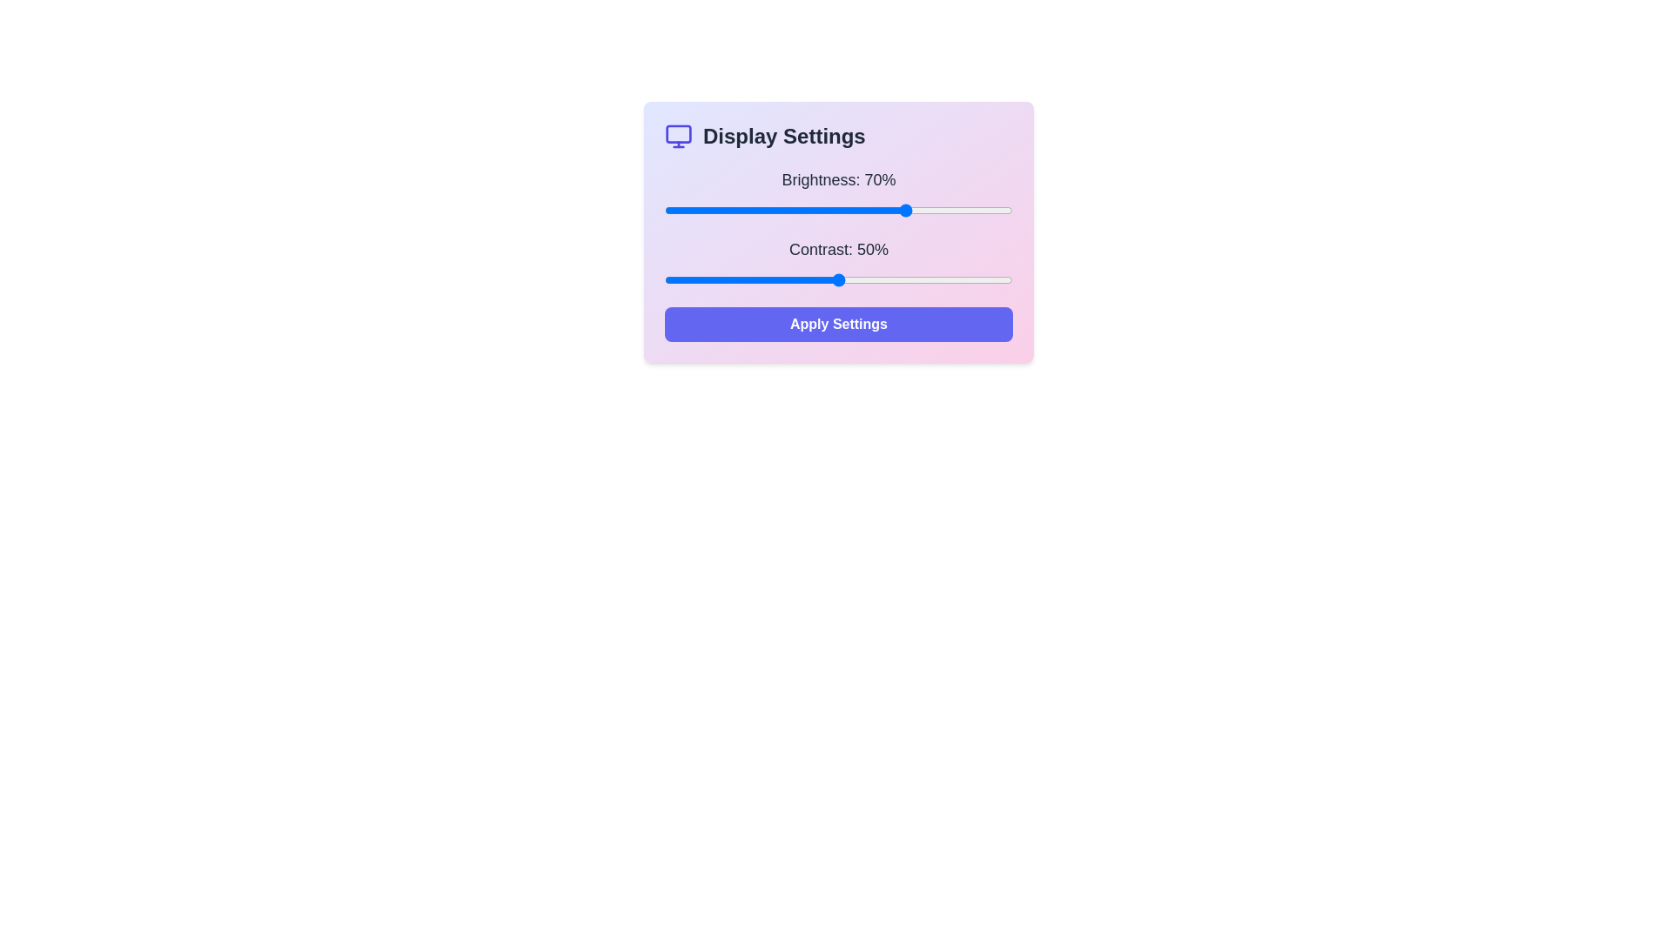 The image size is (1671, 940). I want to click on the 'Apply Settings' button to apply the current display settings, so click(839, 325).